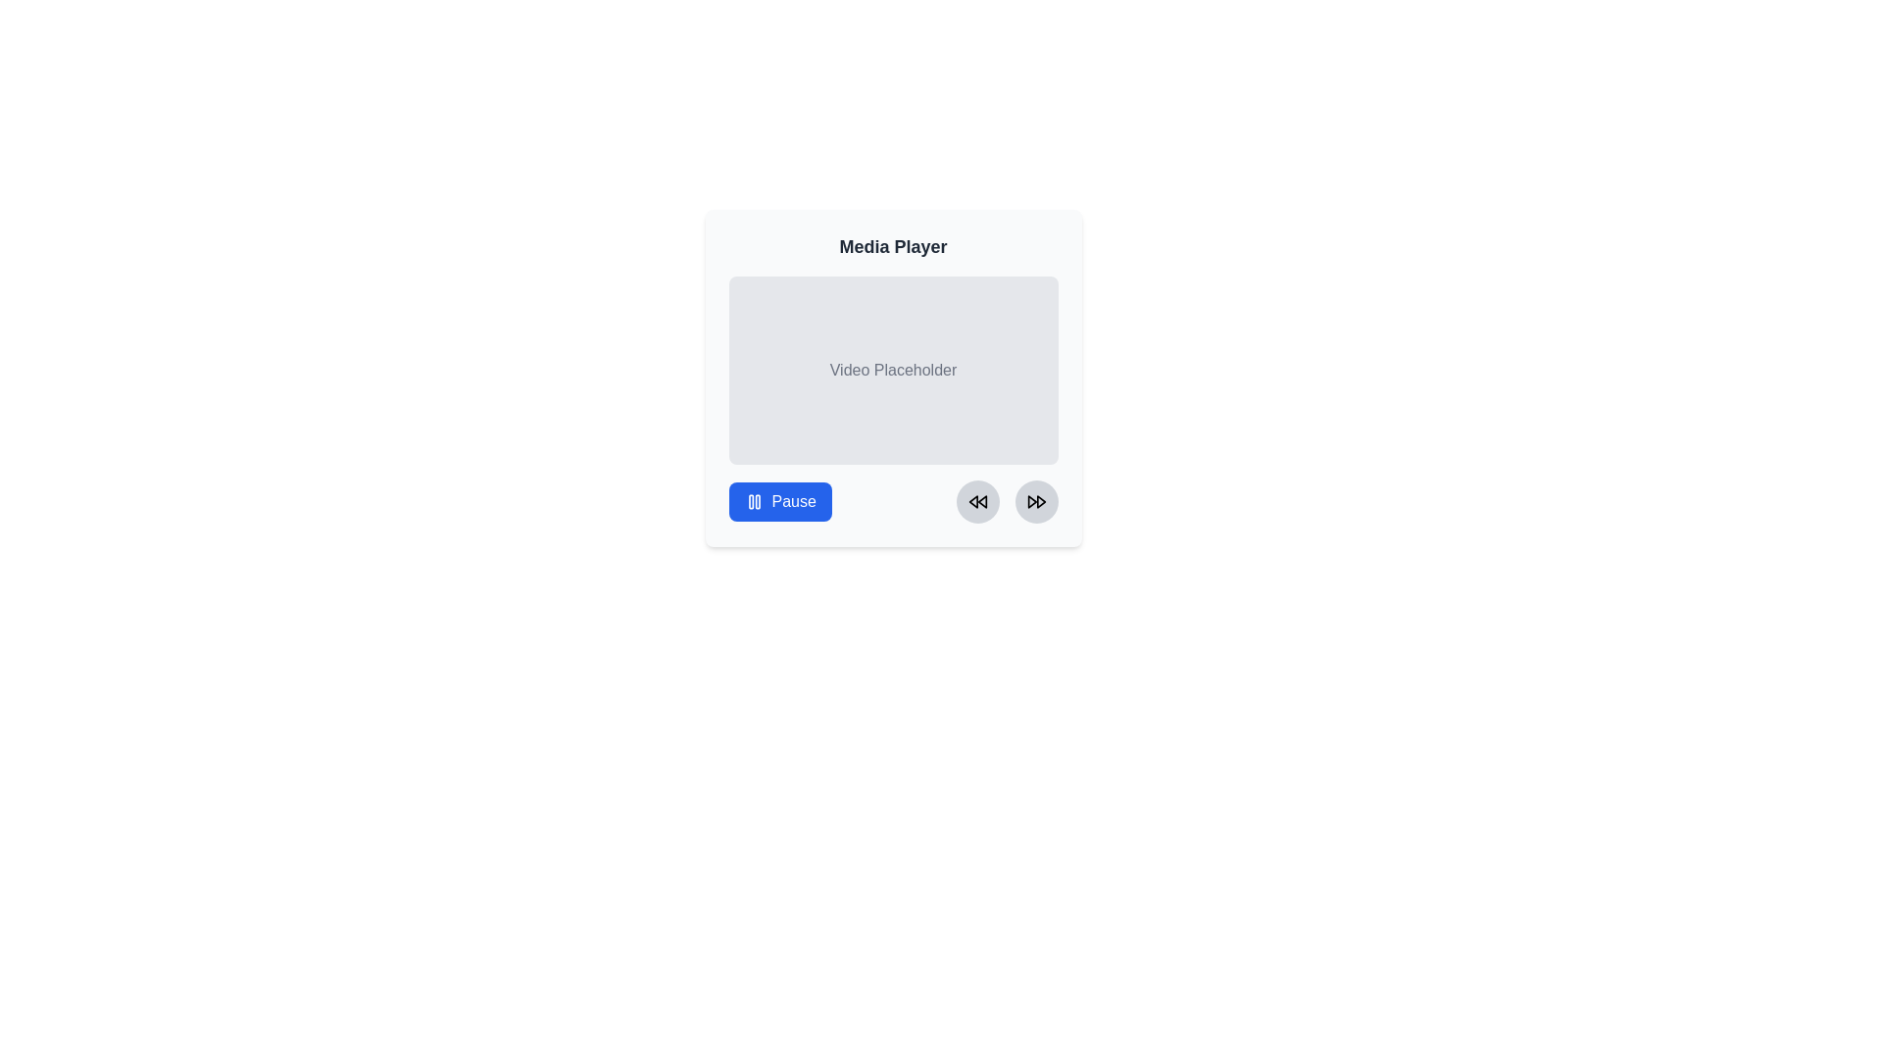  Describe the element at coordinates (753, 501) in the screenshot. I see `the pause icon, which is represented by two vertical bars within a blue square, located in the bottom-left corner of the media player interface alongside the 'Pause' text` at that location.